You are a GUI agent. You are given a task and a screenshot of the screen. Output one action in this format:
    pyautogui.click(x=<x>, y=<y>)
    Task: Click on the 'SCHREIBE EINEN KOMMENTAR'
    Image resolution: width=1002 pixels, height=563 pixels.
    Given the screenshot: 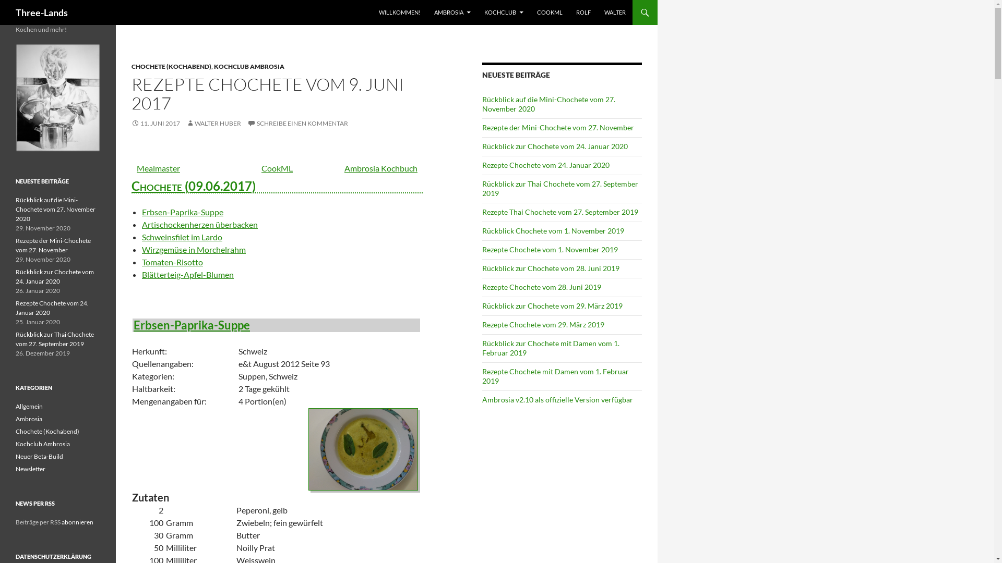 What is the action you would take?
    pyautogui.click(x=297, y=123)
    